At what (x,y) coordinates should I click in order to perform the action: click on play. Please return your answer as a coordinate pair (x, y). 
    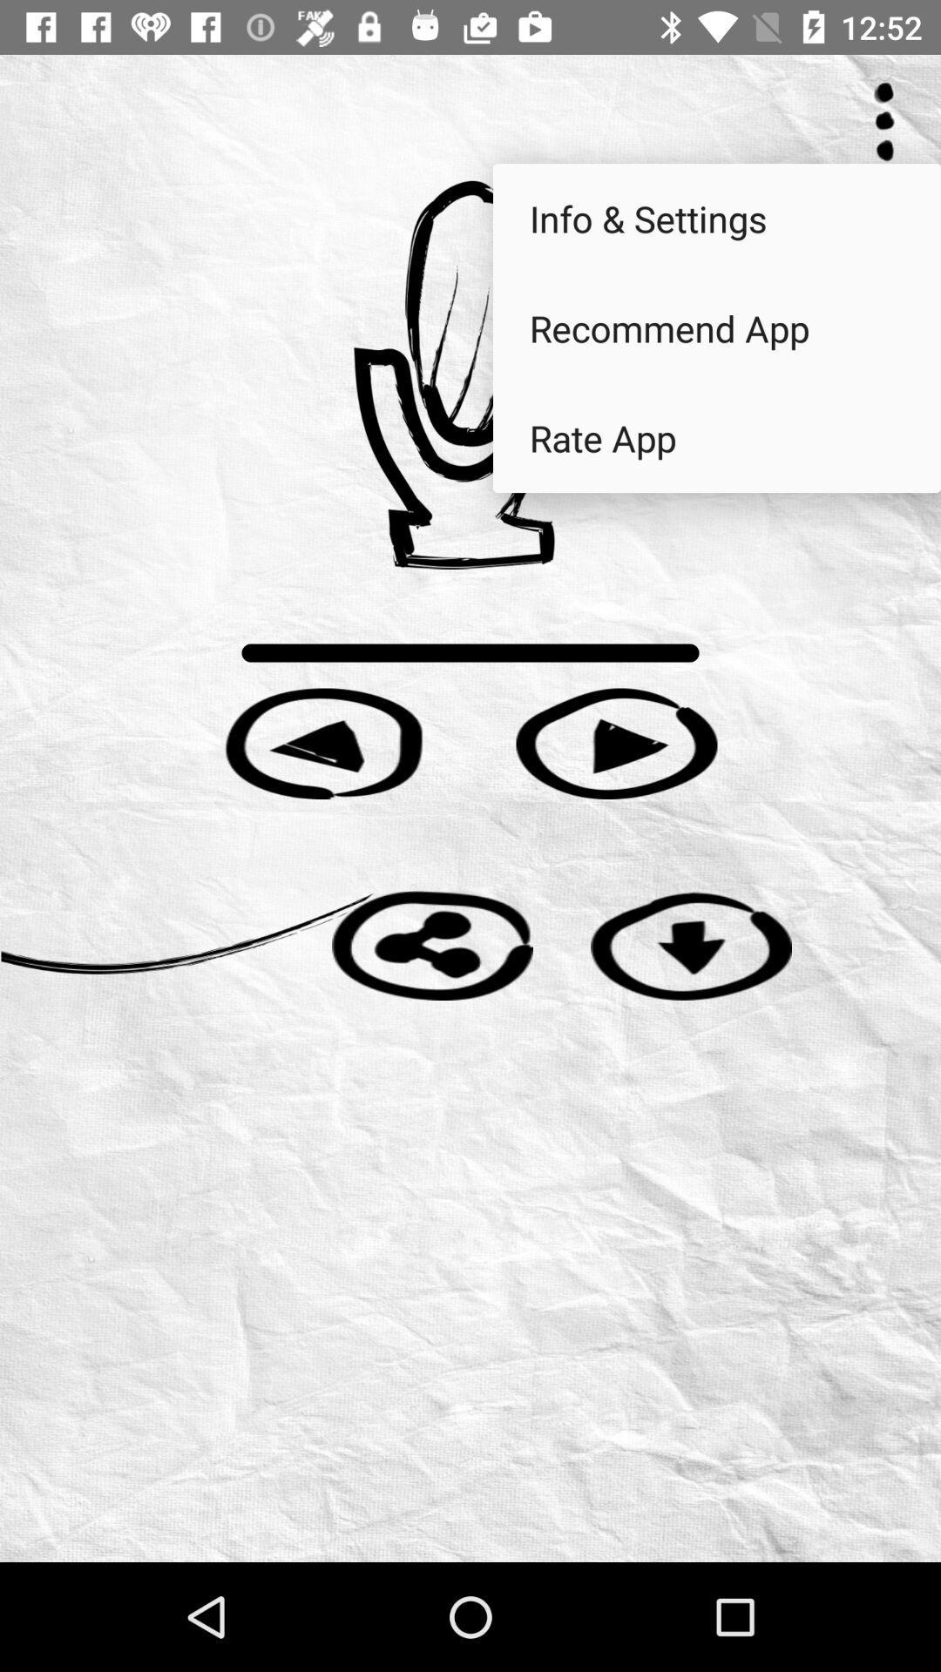
    Looking at the image, I should click on (323, 744).